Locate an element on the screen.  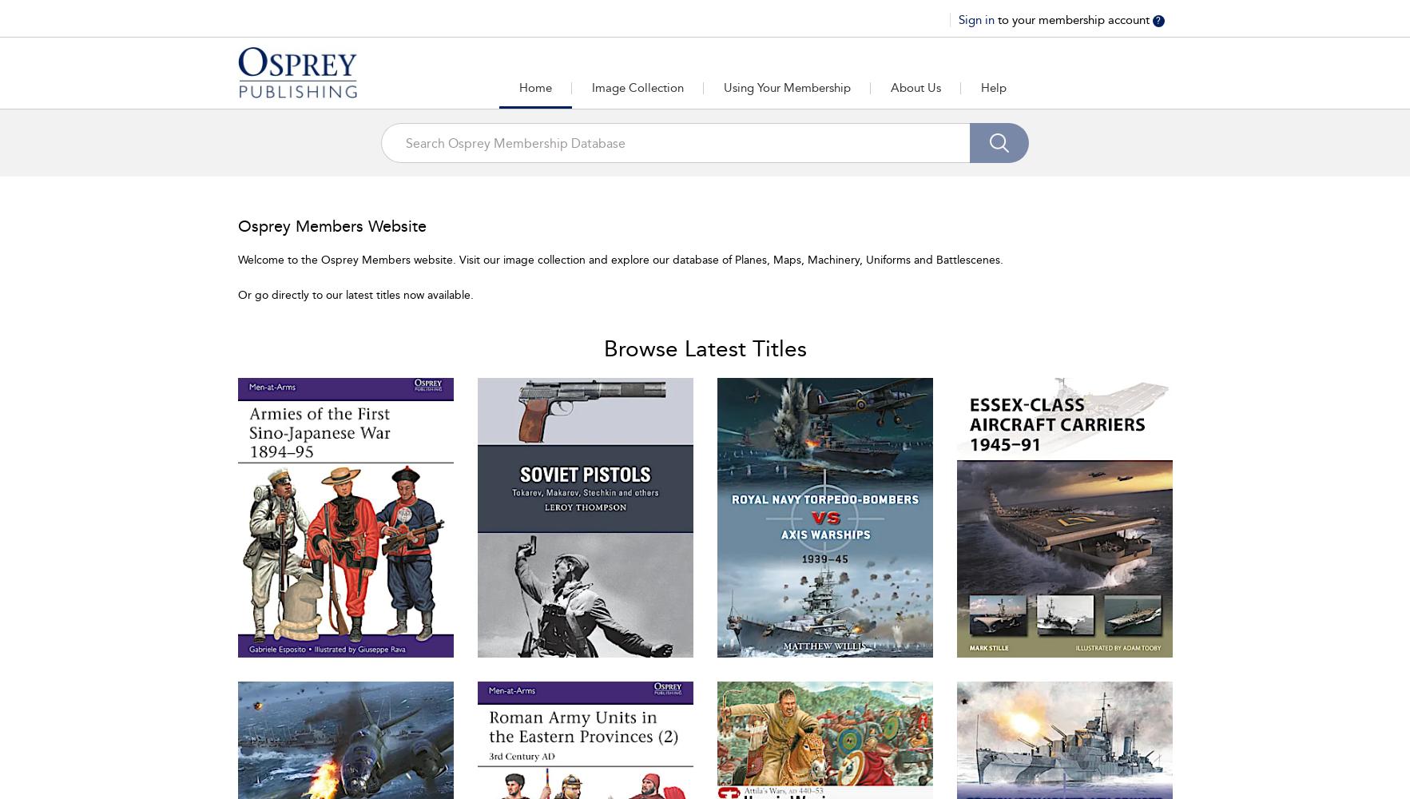
'Image Collection' is located at coordinates (636, 87).